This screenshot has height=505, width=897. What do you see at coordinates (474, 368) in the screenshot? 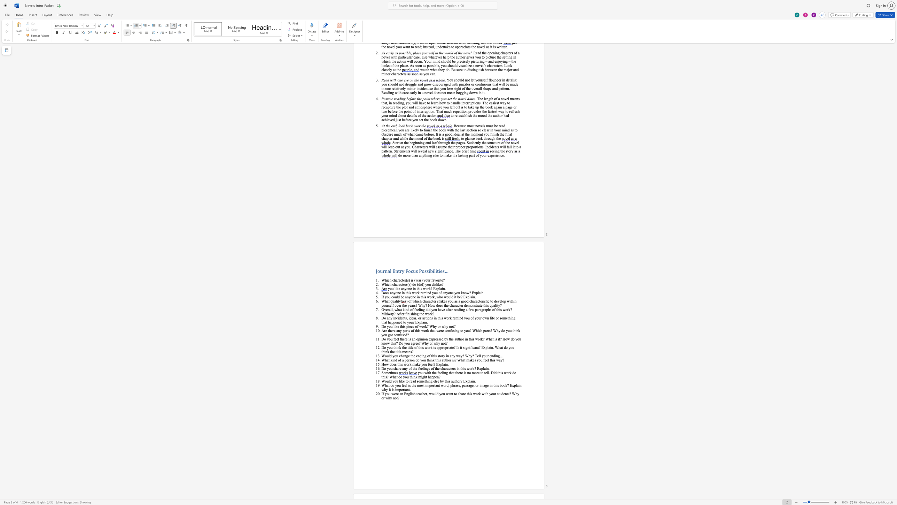
I see `the space between the continuous character "k" and "?" in the text` at bounding box center [474, 368].